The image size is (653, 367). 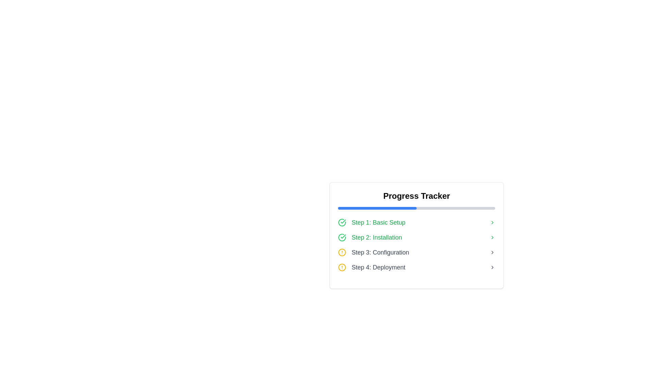 What do you see at coordinates (416, 208) in the screenshot?
I see `the Progress Bar located below the 'Progress Tracker' heading within the card layout, which visually indicates that half of the total steps have been completed` at bounding box center [416, 208].